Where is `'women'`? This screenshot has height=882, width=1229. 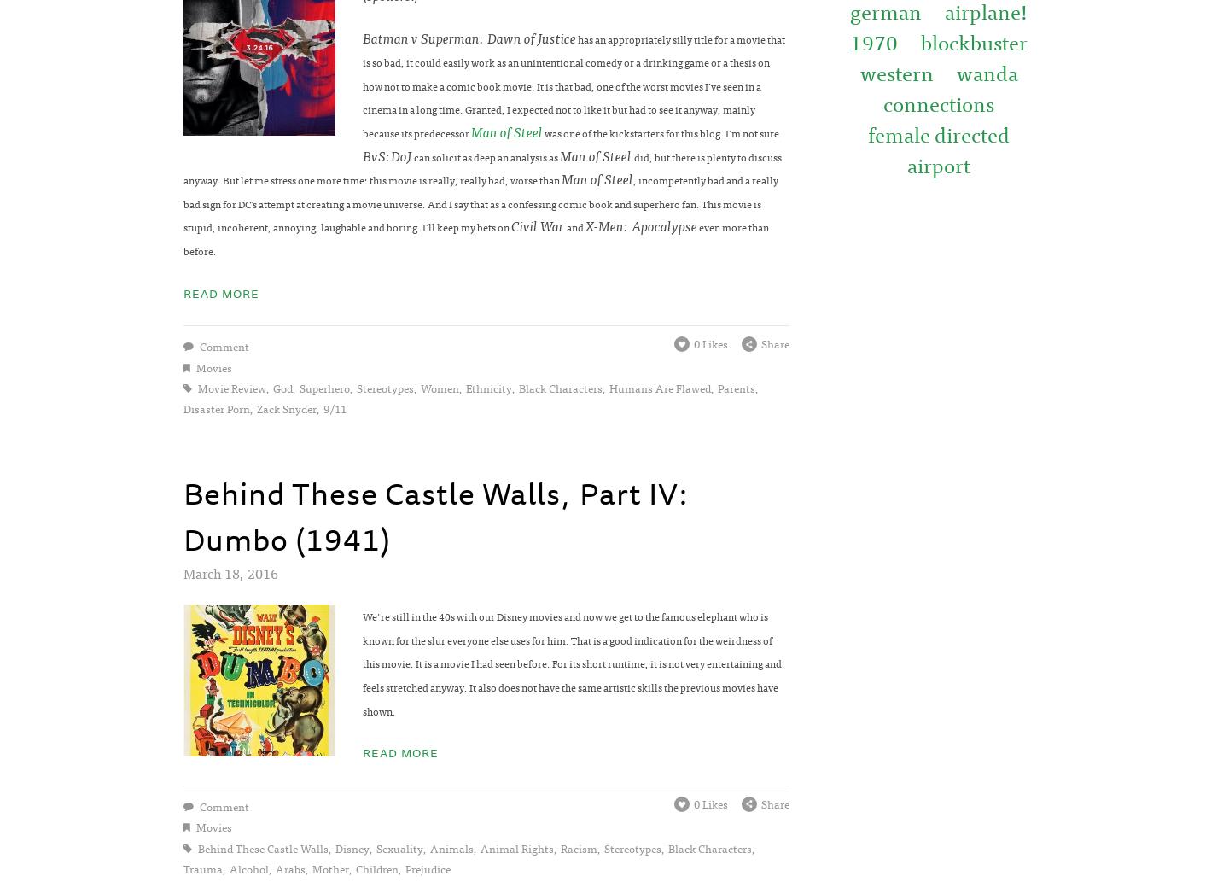
'women' is located at coordinates (438, 387).